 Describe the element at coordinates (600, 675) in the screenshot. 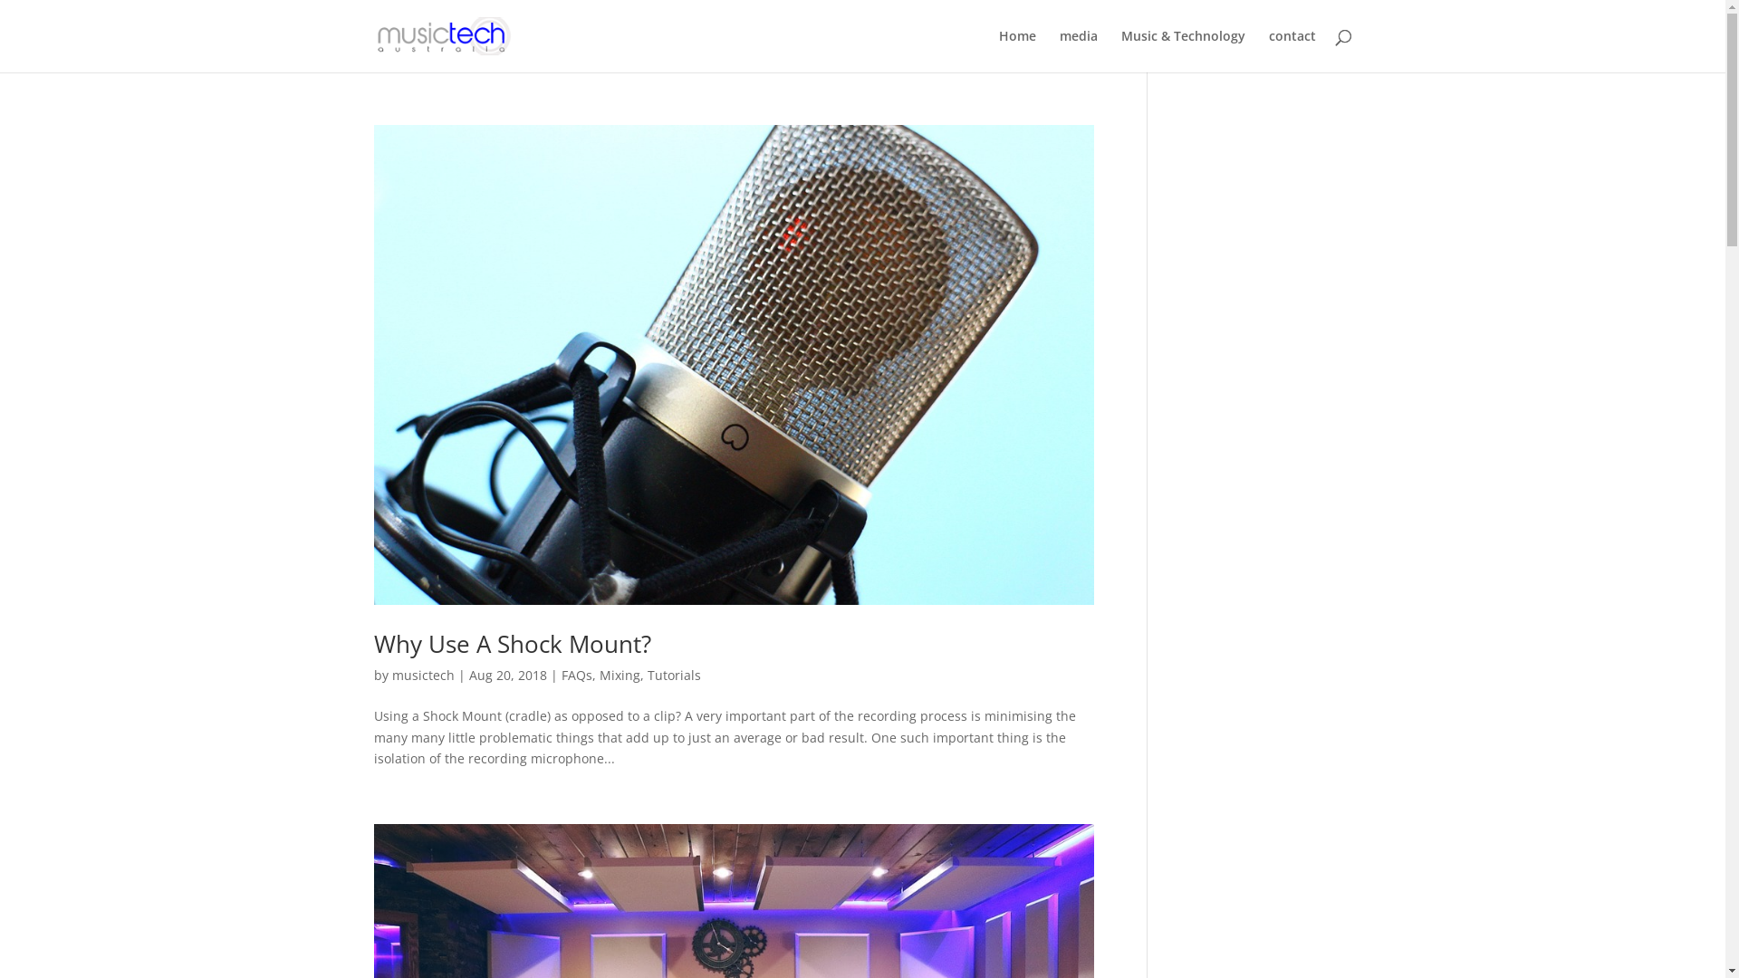

I see `'Mixing'` at that location.